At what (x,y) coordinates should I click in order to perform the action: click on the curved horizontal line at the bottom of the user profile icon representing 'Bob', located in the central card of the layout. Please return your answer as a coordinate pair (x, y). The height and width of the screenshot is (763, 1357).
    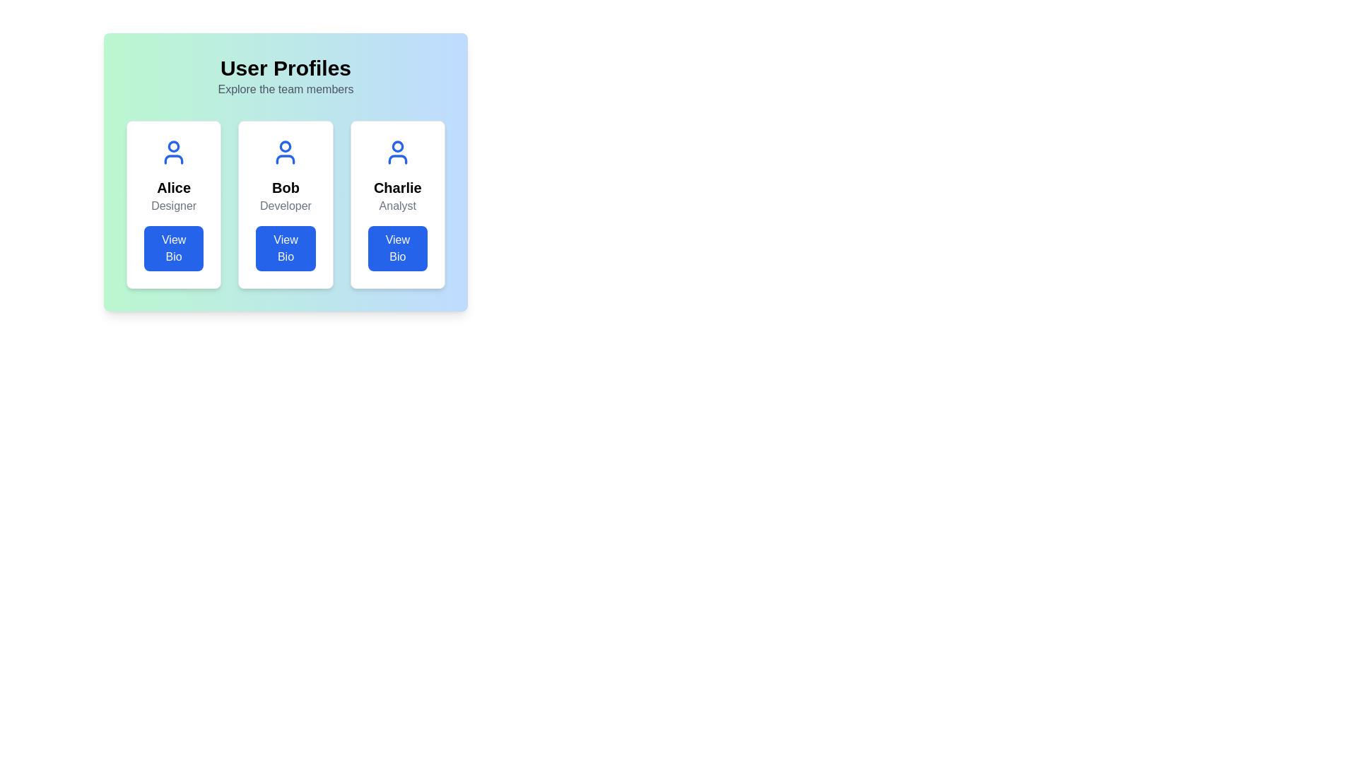
    Looking at the image, I should click on (285, 159).